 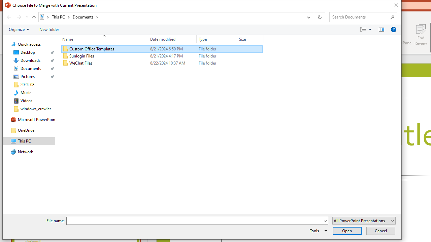 I want to click on 'All locations', so click(x=44, y=16).